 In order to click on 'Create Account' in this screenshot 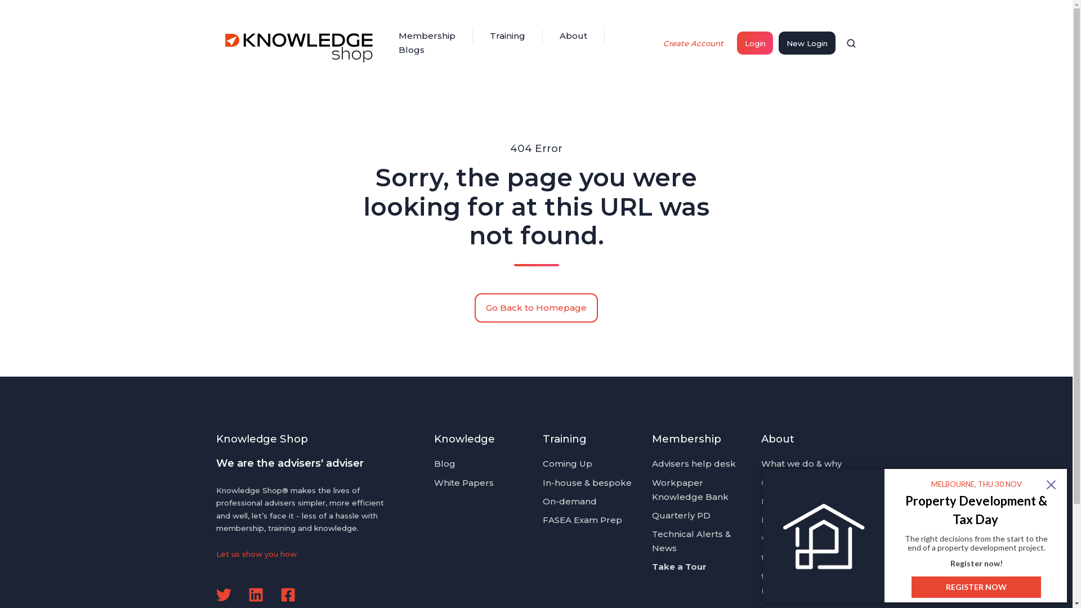, I will do `click(693, 42)`.